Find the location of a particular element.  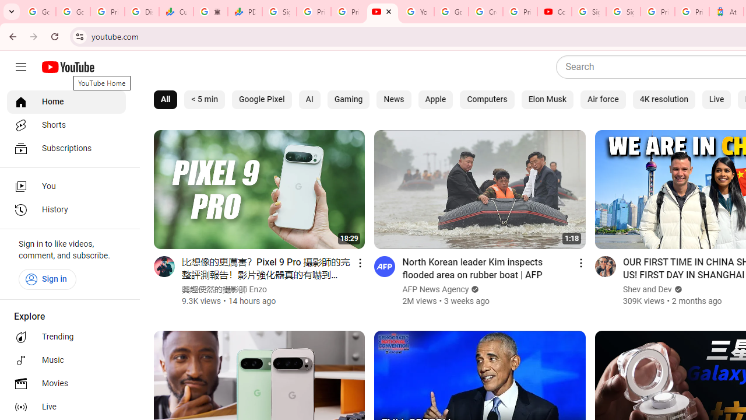

'Trending' is located at coordinates (65, 337).